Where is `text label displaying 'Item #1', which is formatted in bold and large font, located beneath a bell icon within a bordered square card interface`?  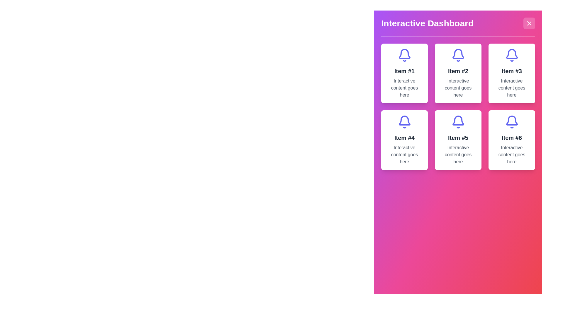
text label displaying 'Item #1', which is formatted in bold and large font, located beneath a bell icon within a bordered square card interface is located at coordinates (404, 71).